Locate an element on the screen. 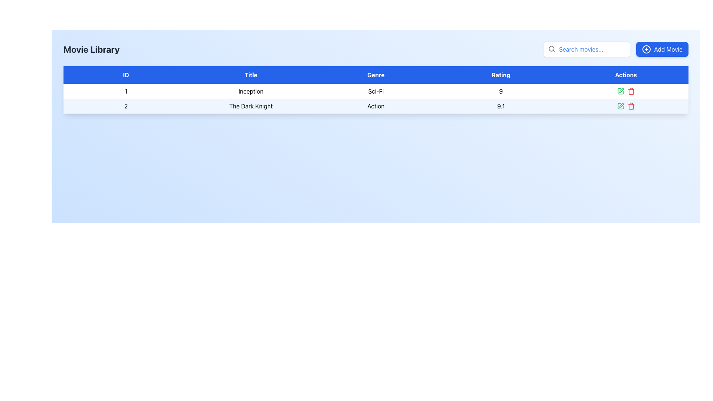 This screenshot has width=713, height=401. the group of action buttons is located at coordinates (625, 91).